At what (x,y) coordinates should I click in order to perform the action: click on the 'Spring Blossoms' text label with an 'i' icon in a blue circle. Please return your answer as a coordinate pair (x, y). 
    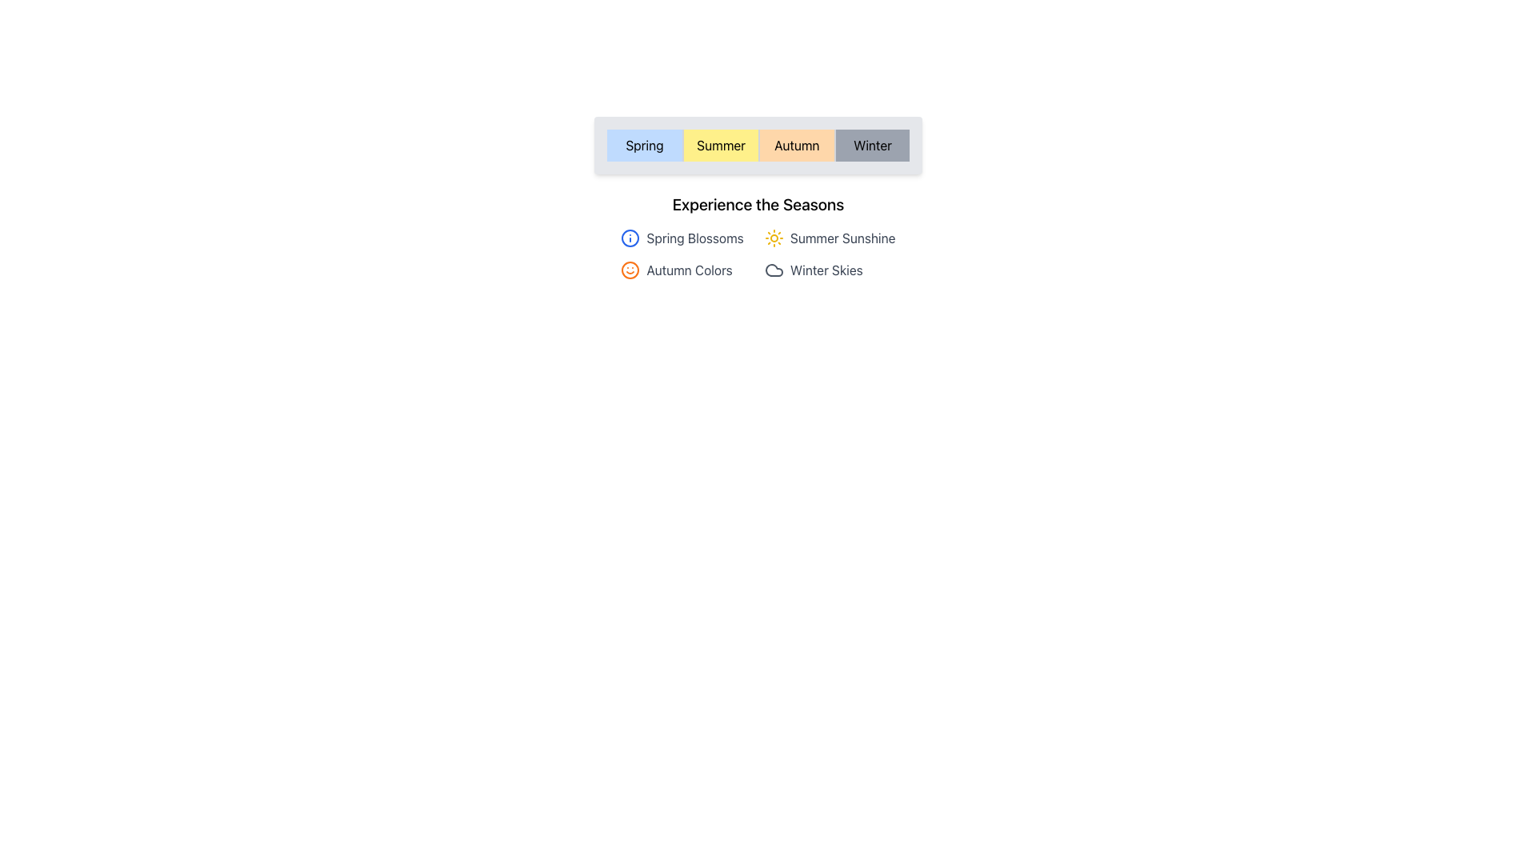
    Looking at the image, I should click on (686, 238).